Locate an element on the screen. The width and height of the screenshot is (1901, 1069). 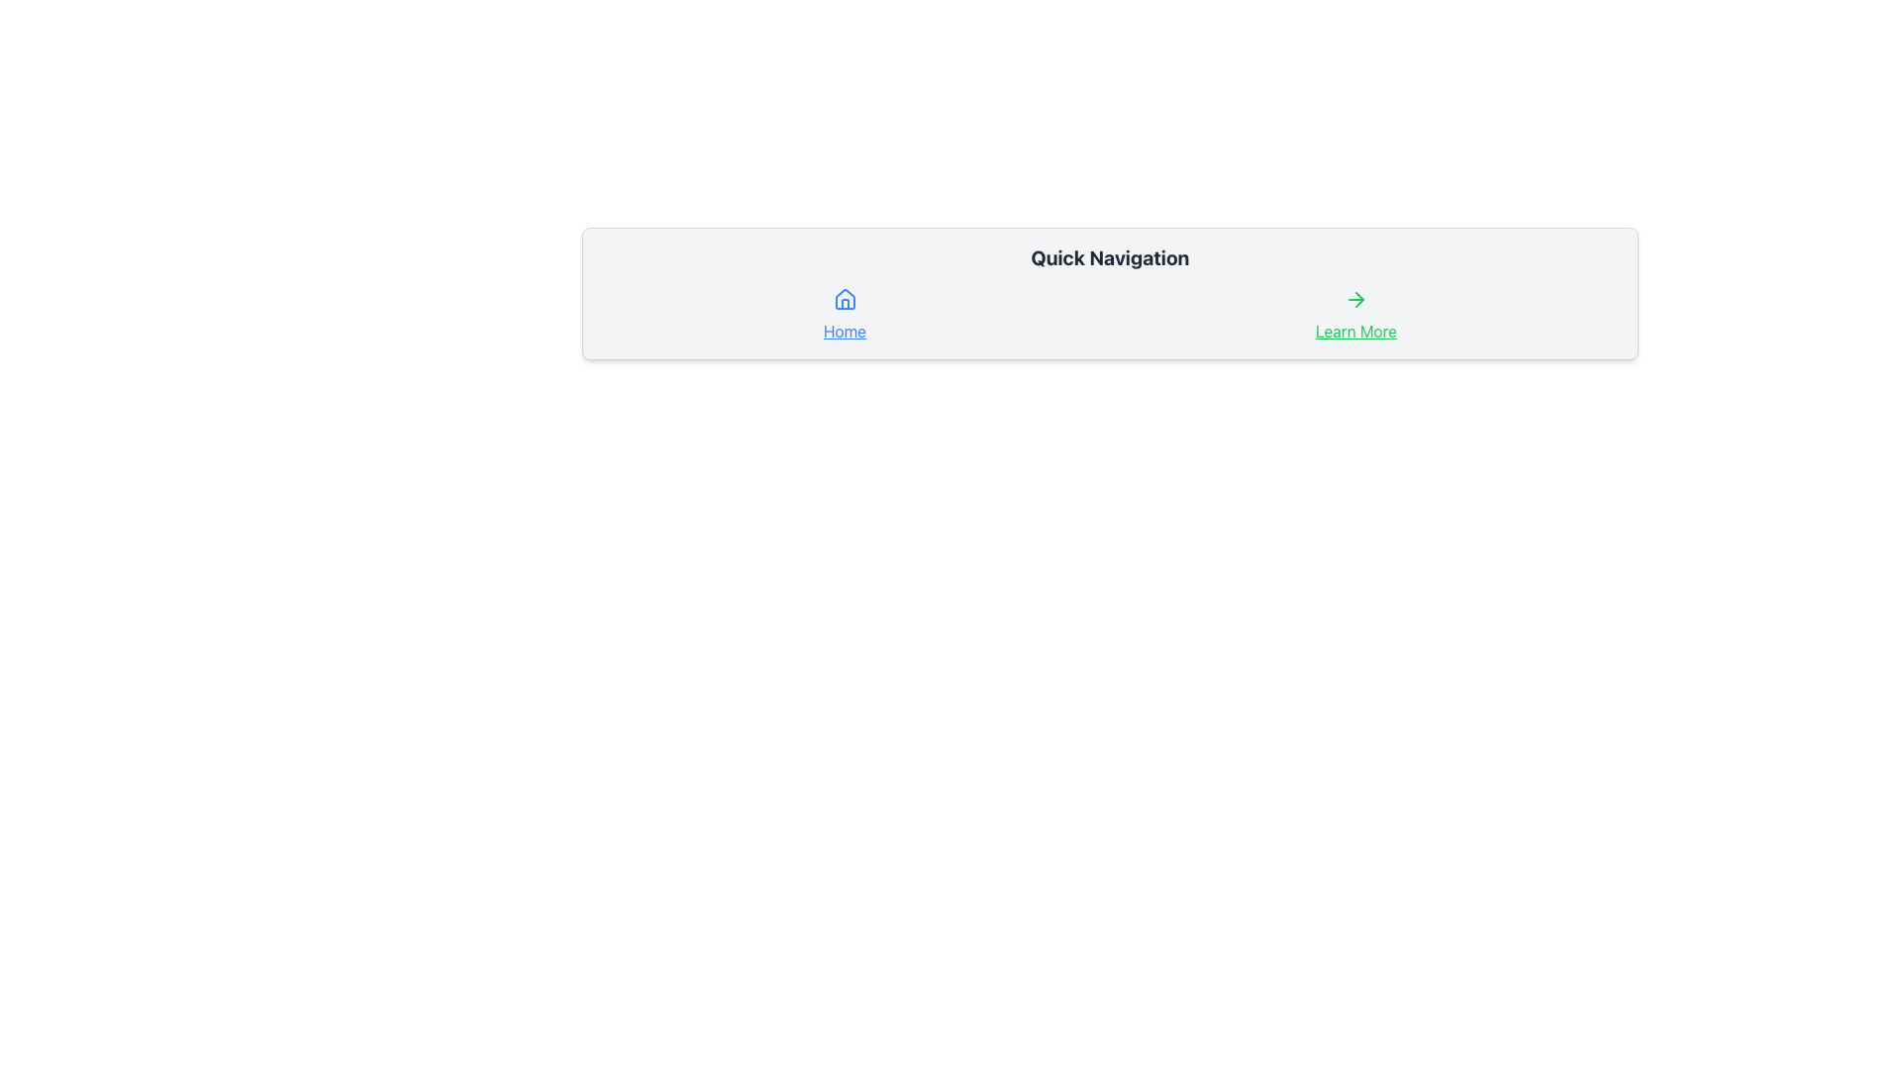
the navigational link represented by the blue outlined house icon and the blue underlined text label 'Home' is located at coordinates (845, 315).